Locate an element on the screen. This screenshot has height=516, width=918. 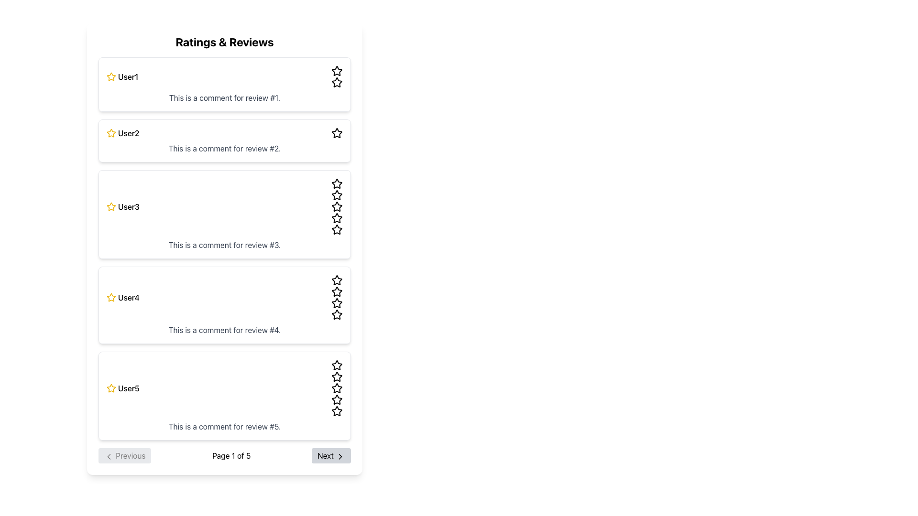
the topmost star icon in the vertical stack of rating stars within the 'User5' review card is located at coordinates (337, 365).